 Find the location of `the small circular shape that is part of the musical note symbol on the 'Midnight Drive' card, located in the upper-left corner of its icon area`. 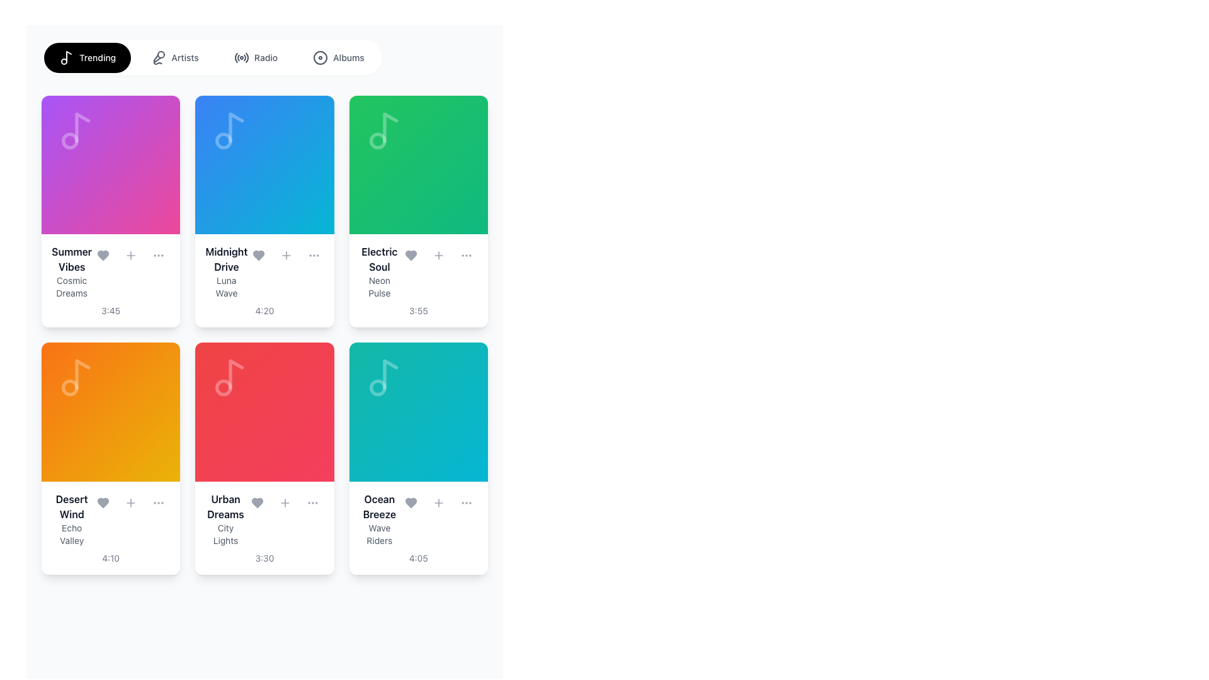

the small circular shape that is part of the musical note symbol on the 'Midnight Drive' card, located in the upper-left corner of its icon area is located at coordinates (224, 140).